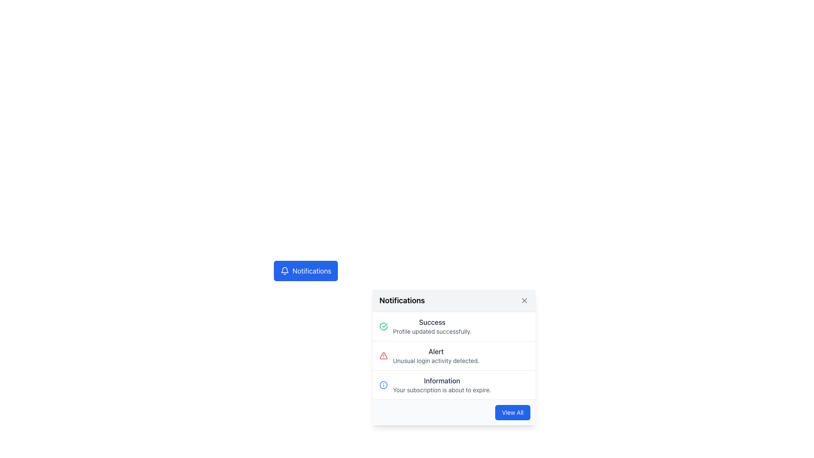 This screenshot has height=458, width=814. What do you see at coordinates (383, 326) in the screenshot?
I see `the circular icon with a green border and a checkmark inside, which indicates a confirmation or success status, located at the top-left of the Success notification item preceding the text 'Success'` at bounding box center [383, 326].